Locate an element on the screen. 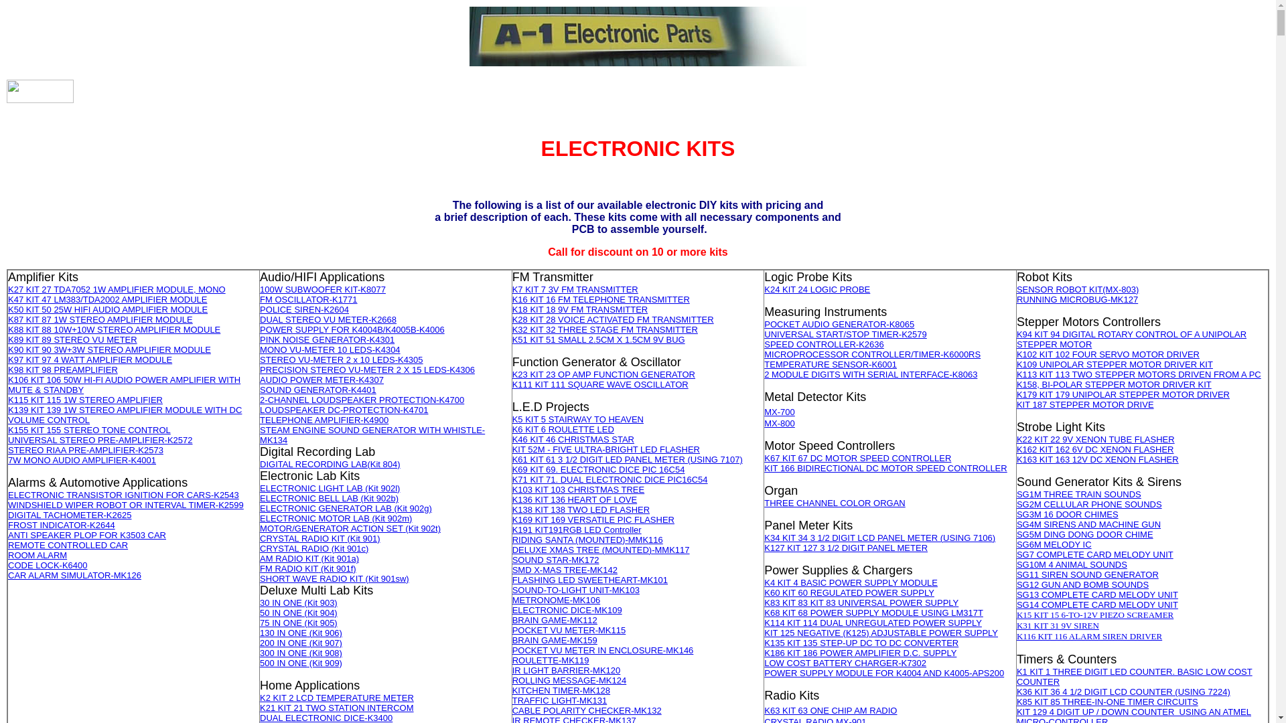  'K155 KIT 155 STEREO TONE CONTROL' is located at coordinates (88, 430).